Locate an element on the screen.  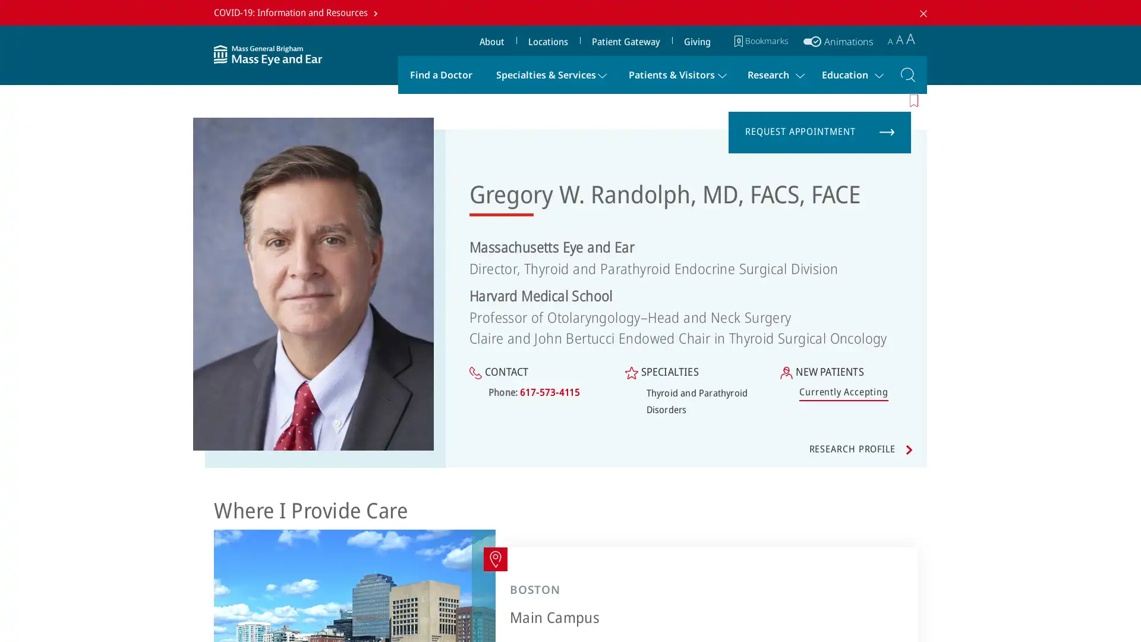
Research is located at coordinates (773, 74).